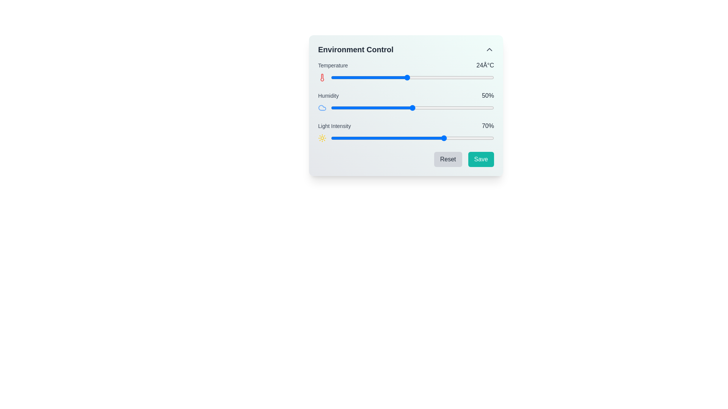  I want to click on light intensity, so click(469, 138).